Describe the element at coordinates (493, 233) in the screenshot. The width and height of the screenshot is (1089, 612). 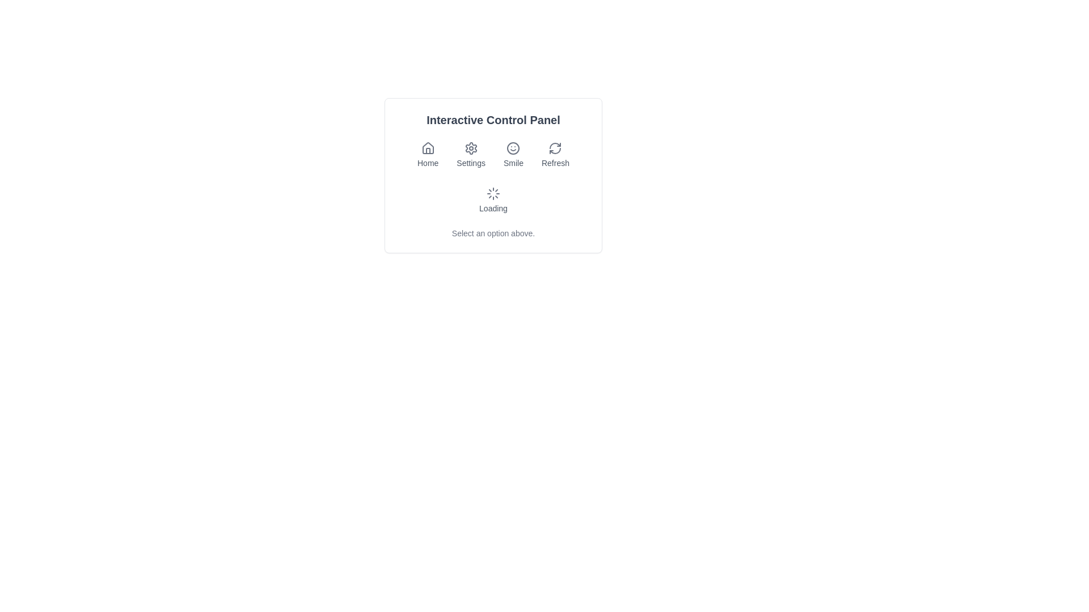
I see `the static text that serves as an instruction or prompt, located directly below the 'Loading' label in the interactive control panel, centered horizontally within the panel` at that location.